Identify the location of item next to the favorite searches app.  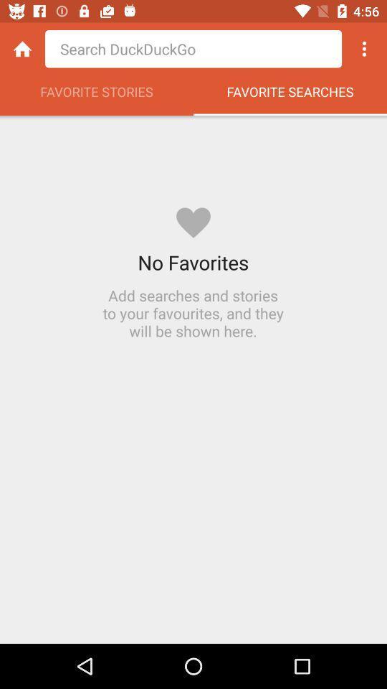
(97, 95).